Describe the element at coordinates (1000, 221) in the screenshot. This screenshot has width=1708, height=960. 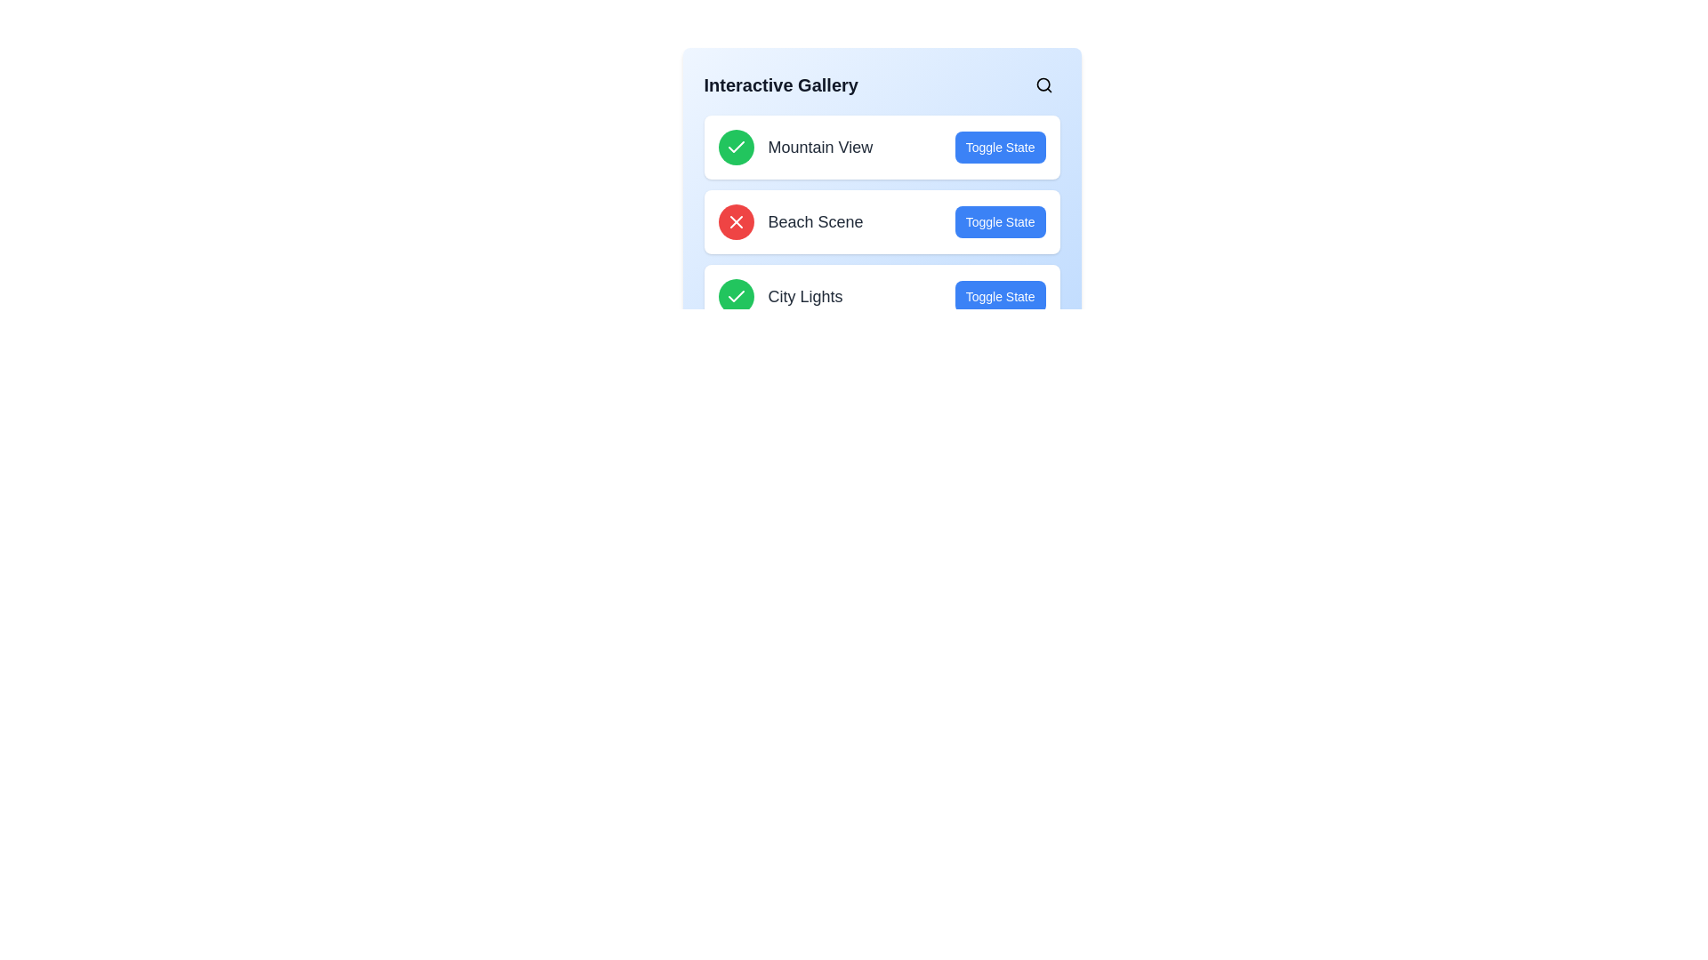
I see `'Toggle State' button for the item labeled Beach Scene` at that location.